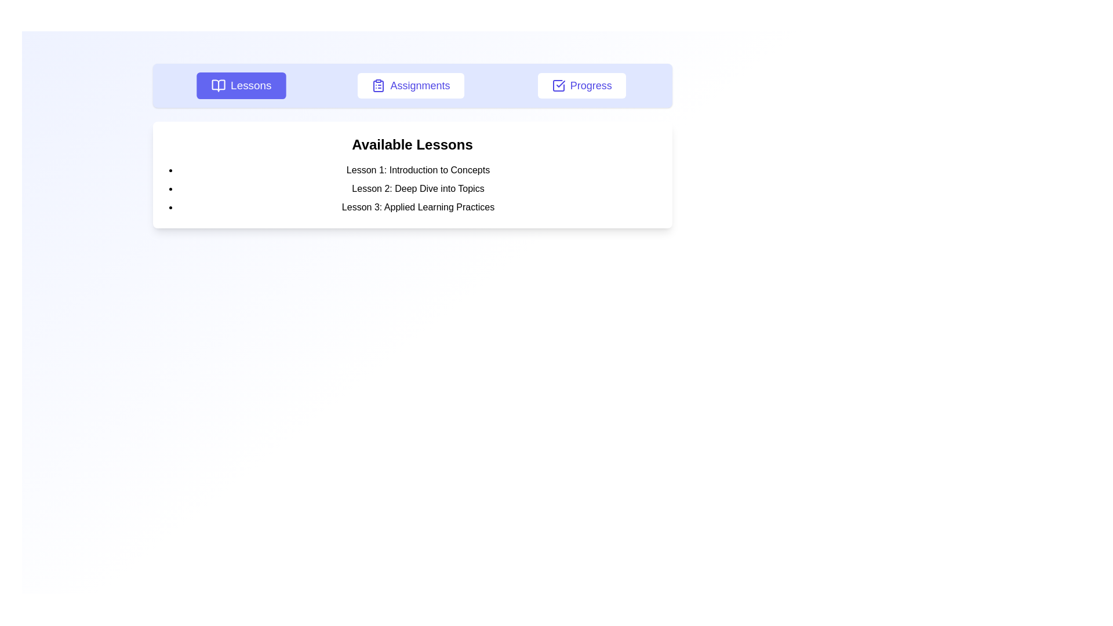 This screenshot has width=1113, height=626. What do you see at coordinates (417, 188) in the screenshot?
I see `the text element displaying 'Lesson 2: Deep Dive into Topics', which is the second item in a vertical list of lessons` at bounding box center [417, 188].